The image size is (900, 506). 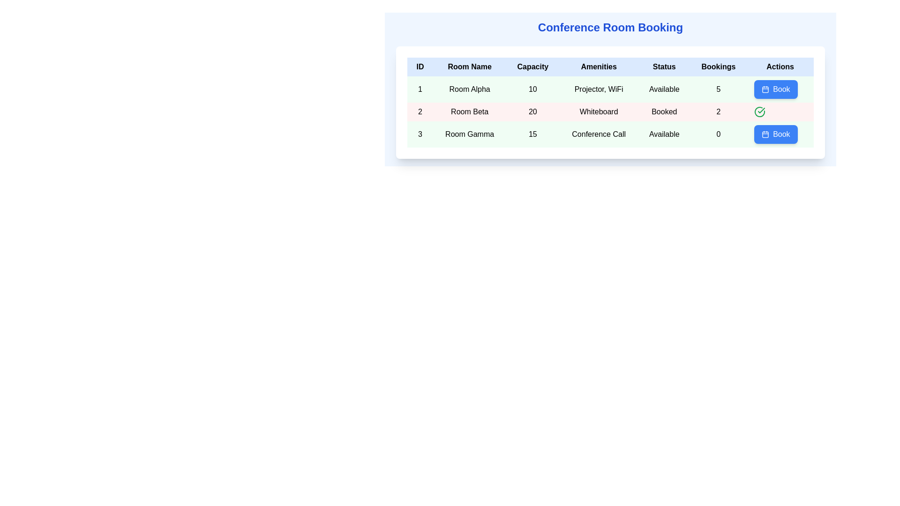 What do you see at coordinates (420, 89) in the screenshot?
I see `the text label in the first column and first row of the table, which displays the number '1'` at bounding box center [420, 89].